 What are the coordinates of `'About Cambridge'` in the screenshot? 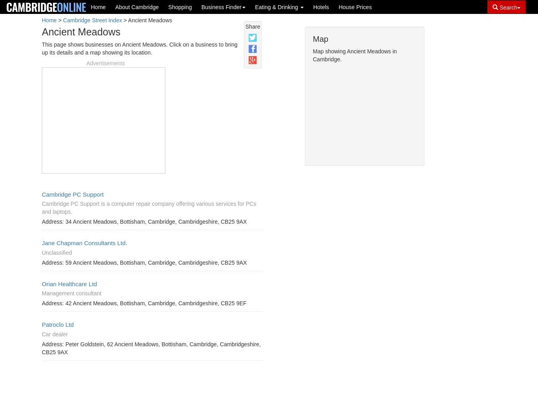 It's located at (137, 7).